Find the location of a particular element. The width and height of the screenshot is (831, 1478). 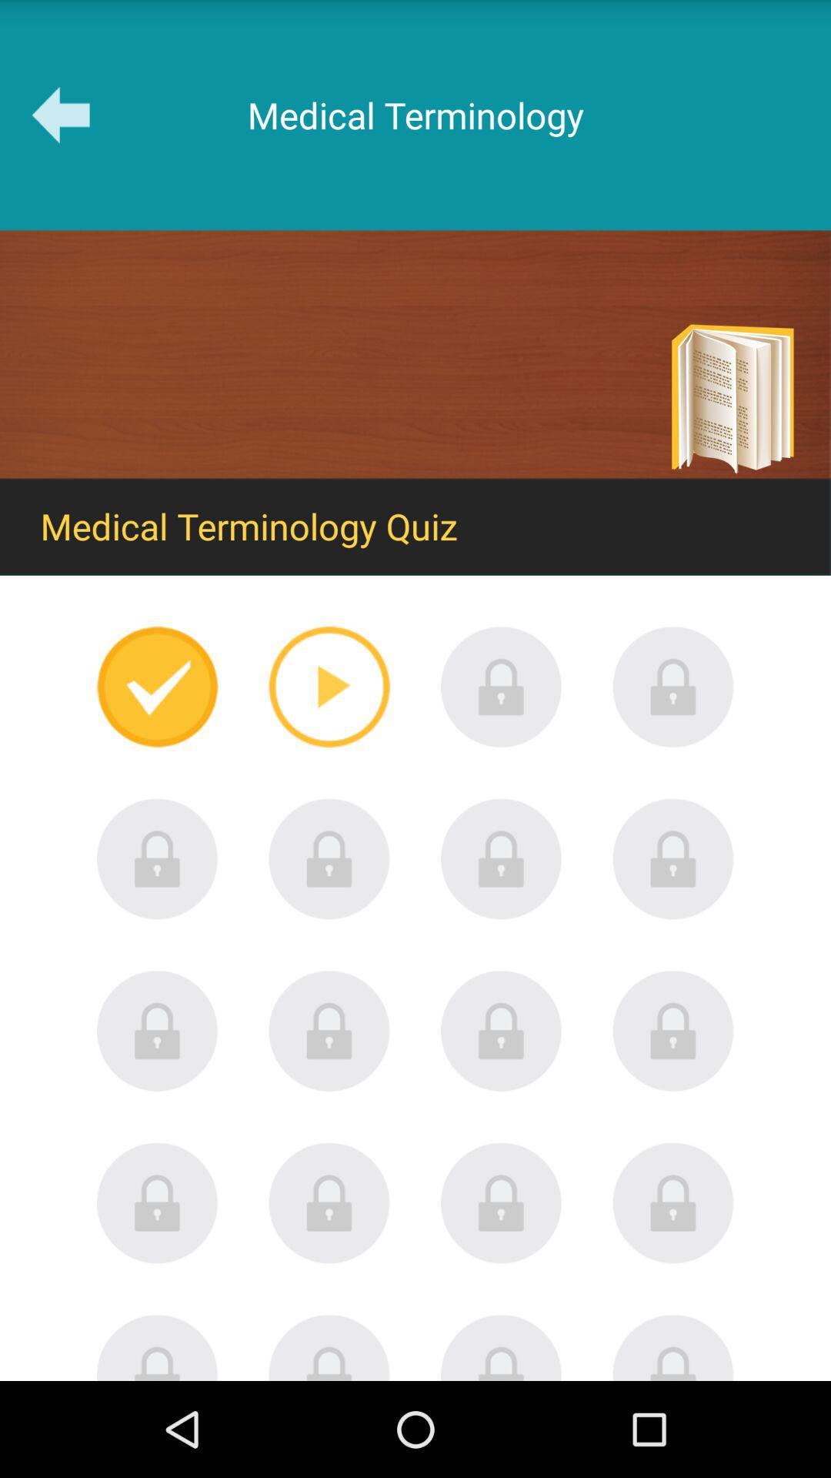

the lock icon is located at coordinates (329, 919).